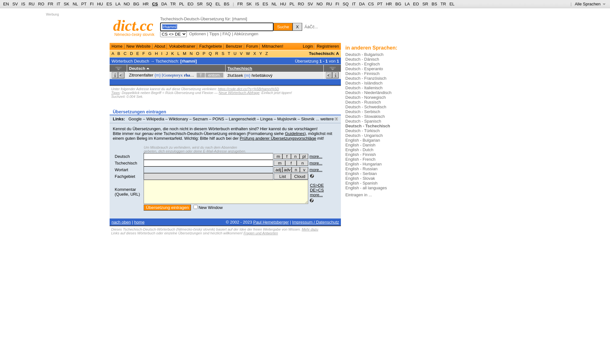  Describe the element at coordinates (278, 156) in the screenshot. I see `'m'` at that location.